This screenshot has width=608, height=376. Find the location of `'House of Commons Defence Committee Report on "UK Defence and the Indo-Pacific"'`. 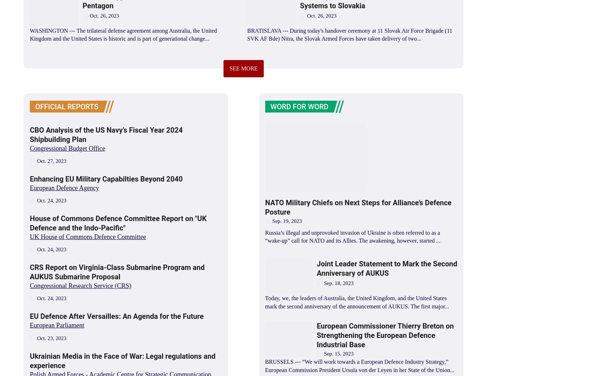

'House of Commons Defence Committee Report on "UK Defence and the Indo-Pacific"' is located at coordinates (118, 223).